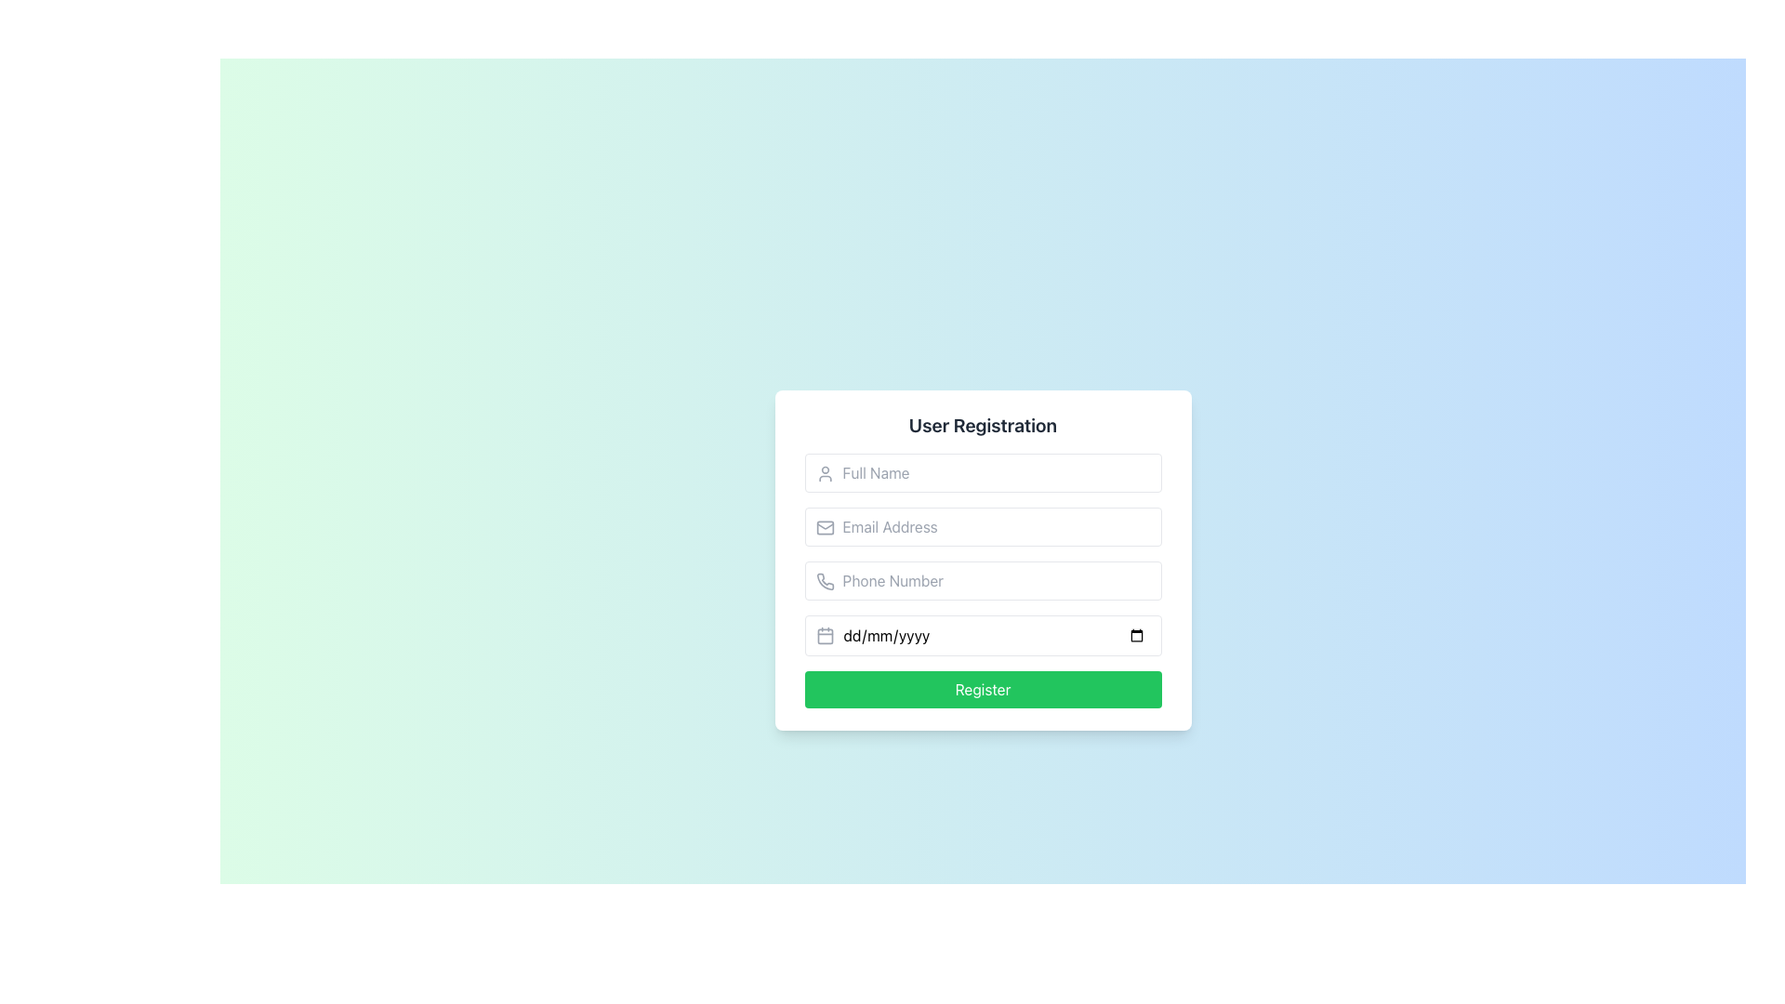 Image resolution: width=1785 pixels, height=1004 pixels. I want to click on the second input field for email addresses in the registration form, so click(982, 527).